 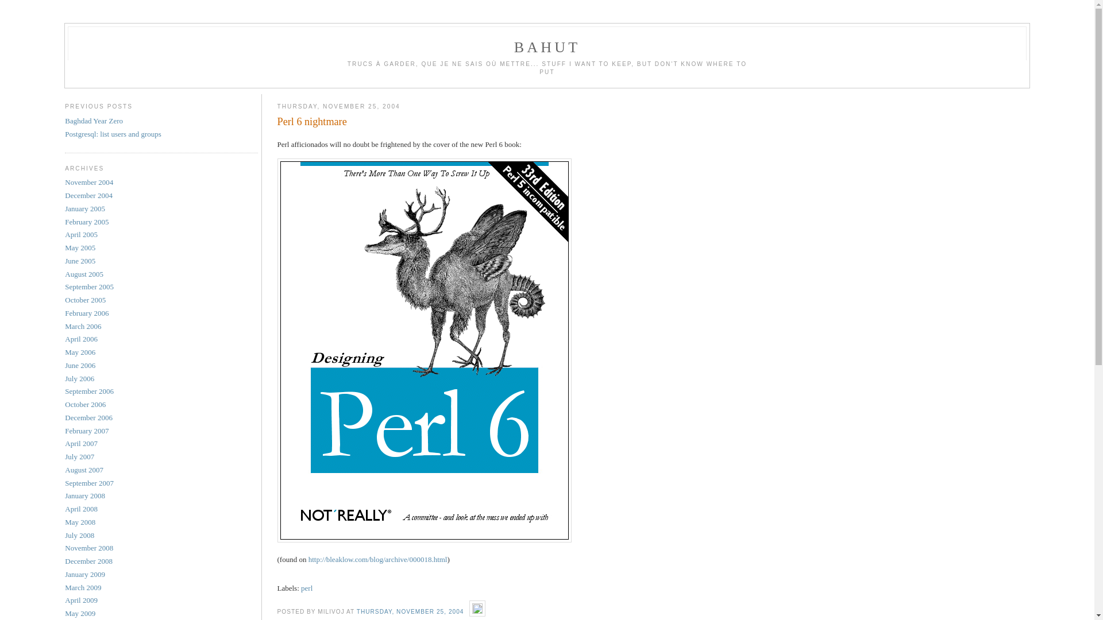 I want to click on 'Baghdad Year Zero', so click(x=94, y=121).